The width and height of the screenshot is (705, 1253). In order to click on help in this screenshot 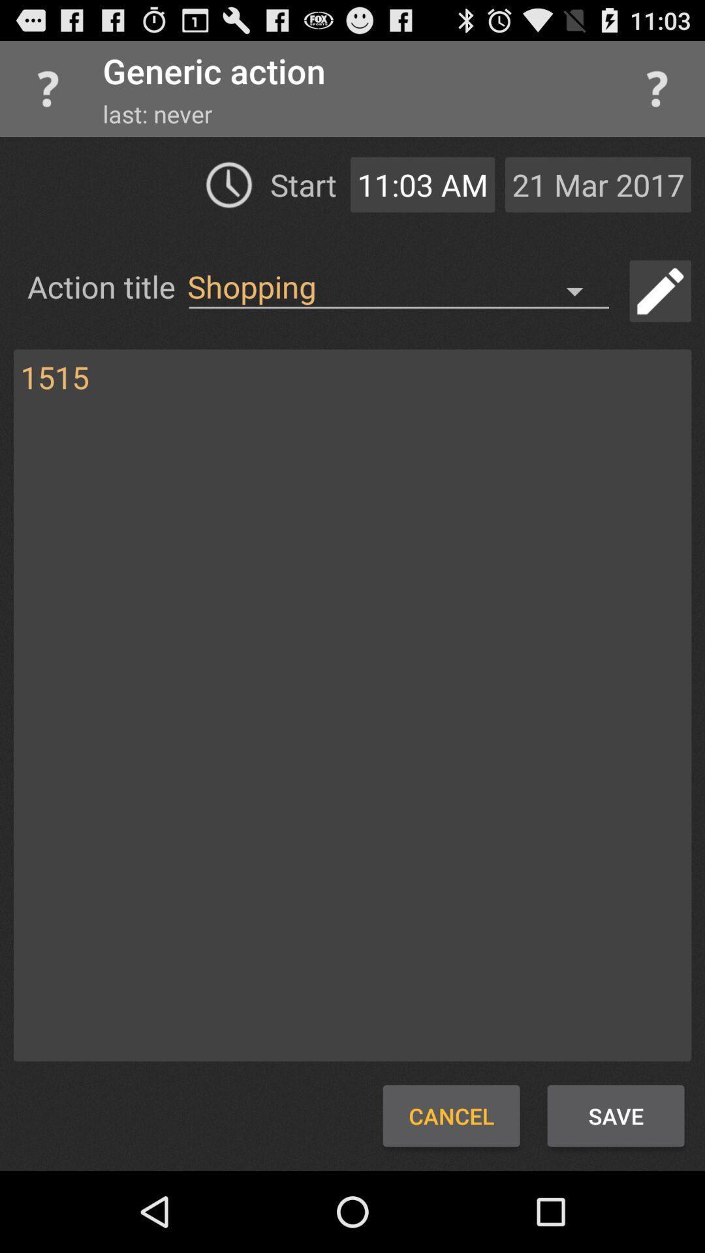, I will do `click(657, 88)`.